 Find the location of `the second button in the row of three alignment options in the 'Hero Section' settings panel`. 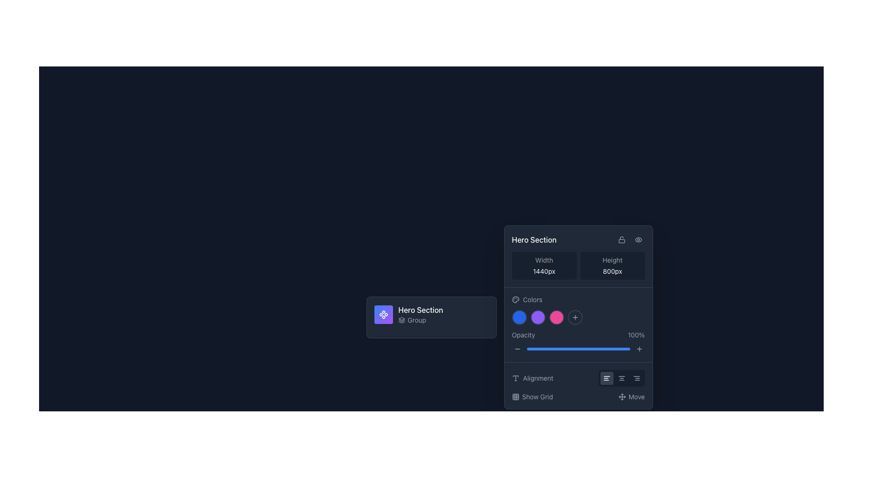

the second button in the row of three alignment options in the 'Hero Section' settings panel is located at coordinates (621, 378).